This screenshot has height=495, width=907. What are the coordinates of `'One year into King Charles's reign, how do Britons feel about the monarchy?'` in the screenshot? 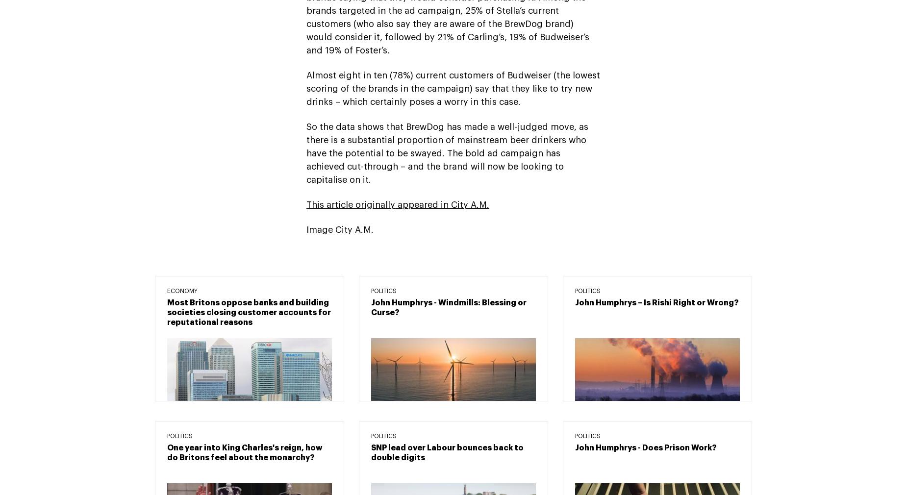 It's located at (245, 452).